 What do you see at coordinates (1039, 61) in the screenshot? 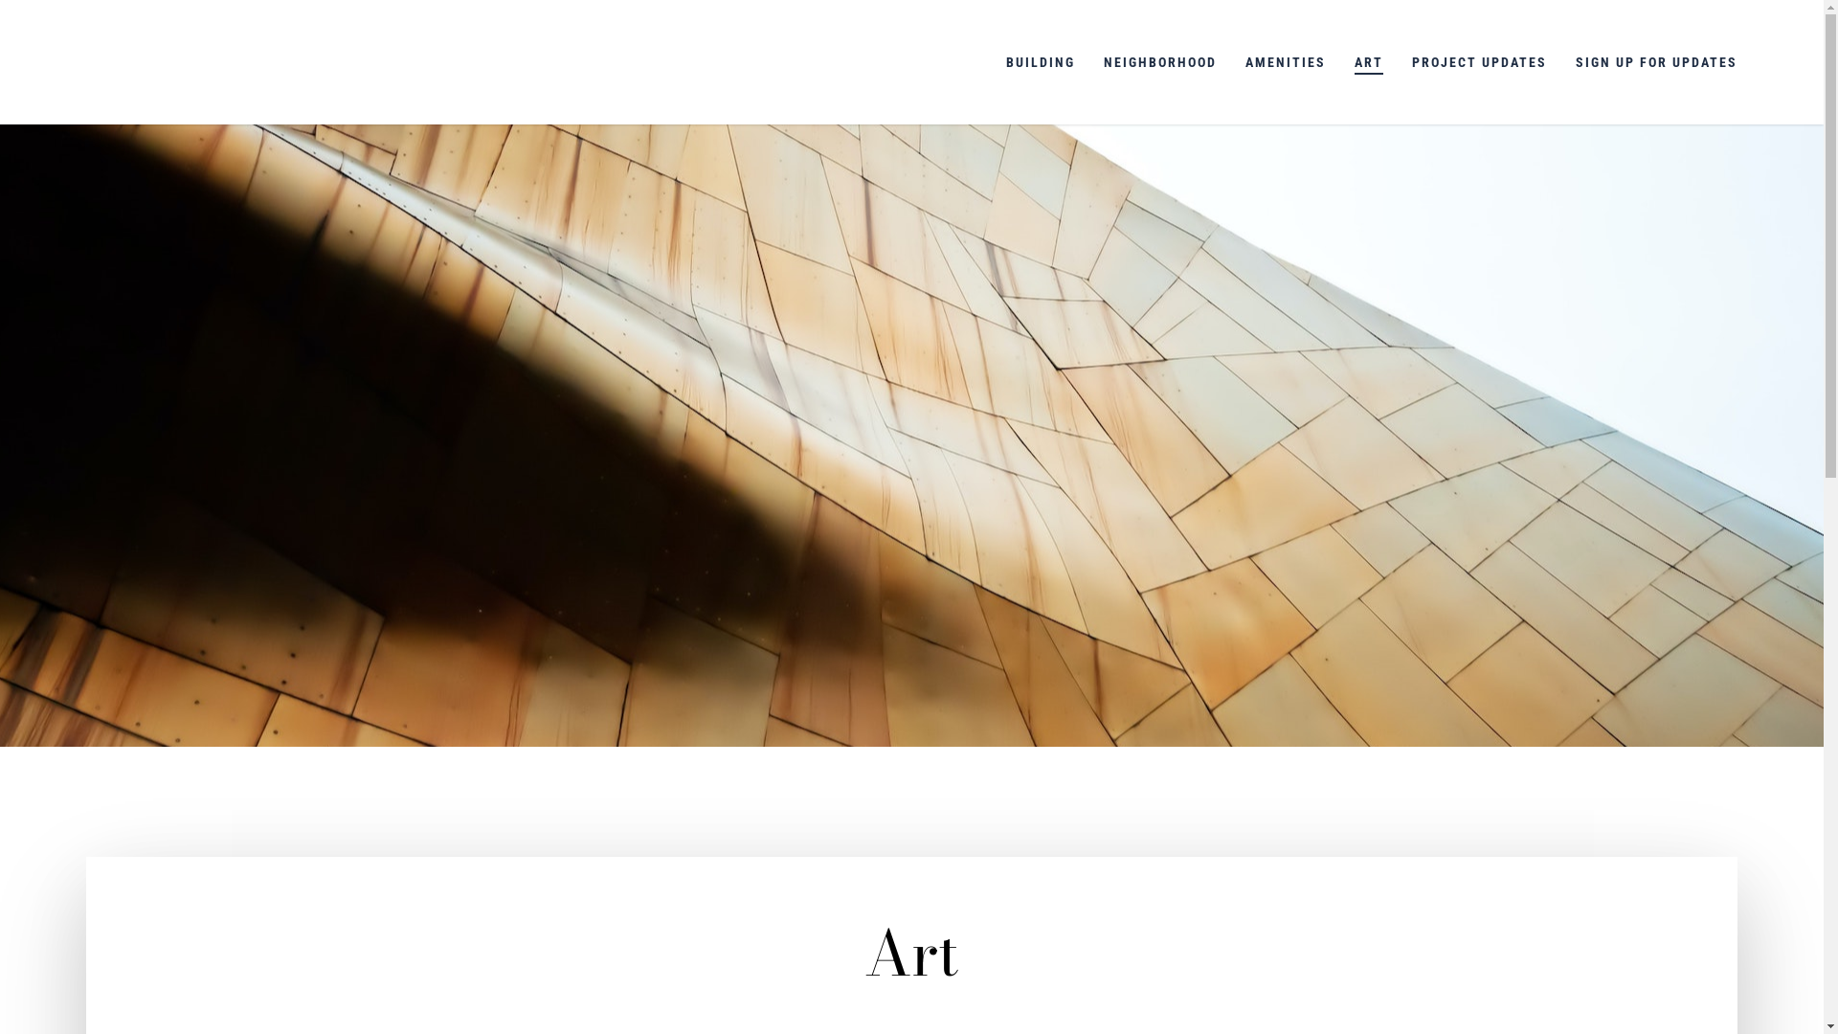
I see `'BUILDING'` at bounding box center [1039, 61].